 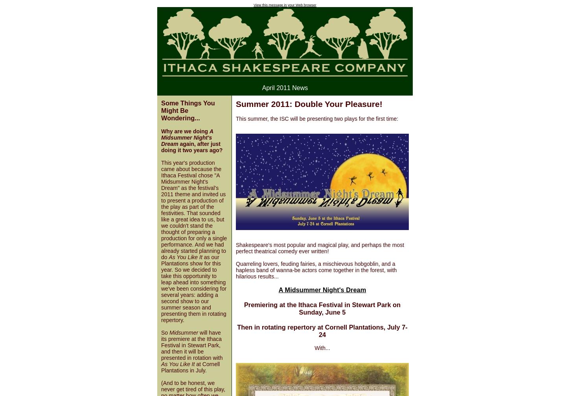 I want to click on 'With...', so click(x=322, y=347).